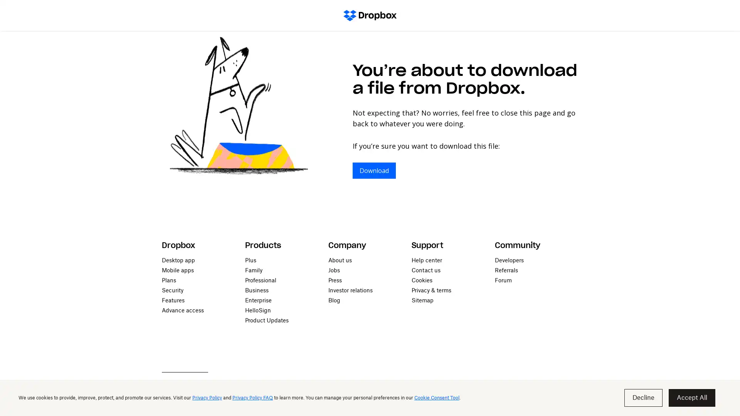 Image resolution: width=740 pixels, height=416 pixels. I want to click on English (United States), so click(194, 402).